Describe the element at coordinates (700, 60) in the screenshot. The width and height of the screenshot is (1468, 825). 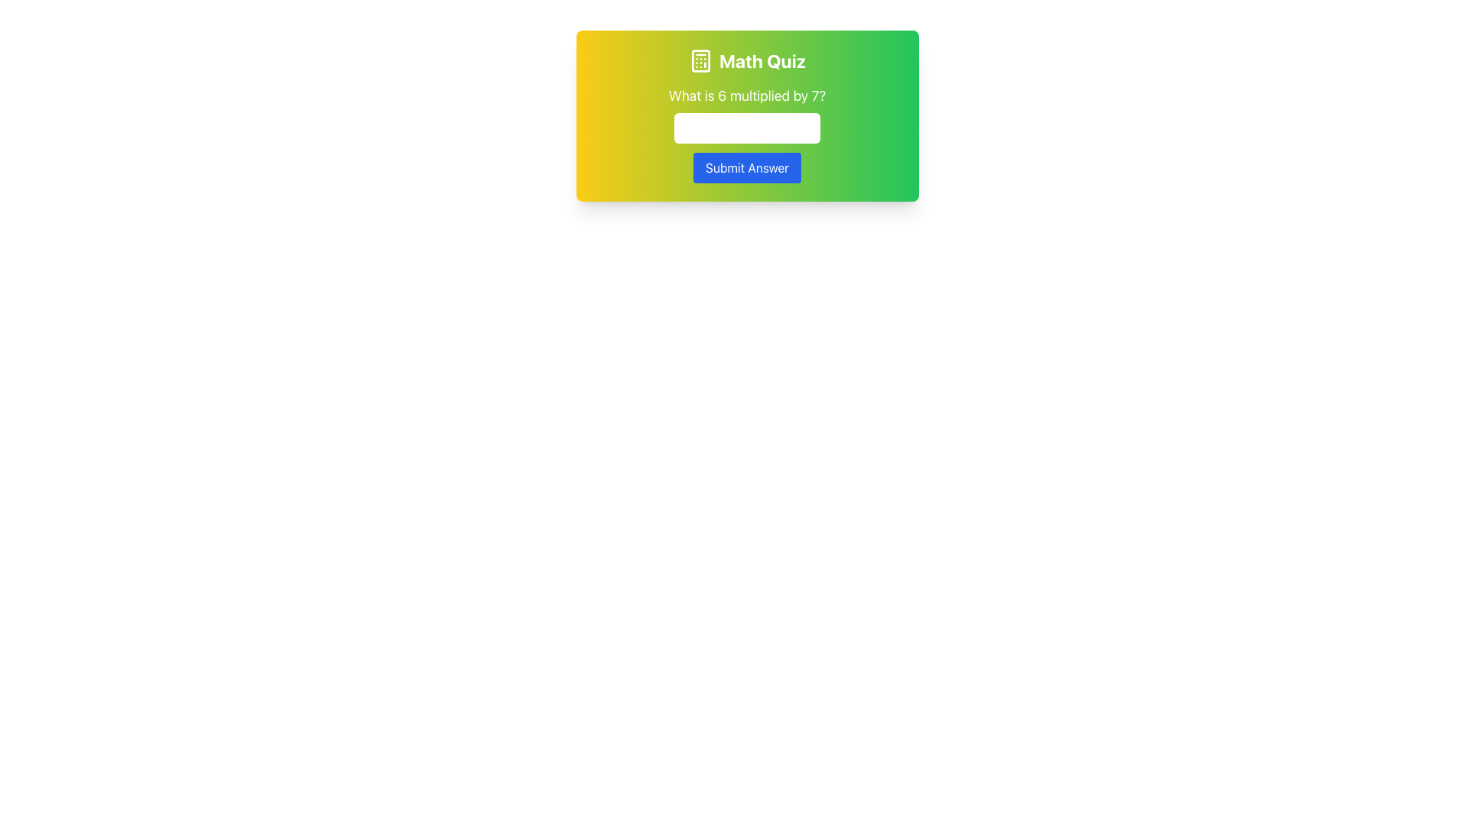
I see `the calculator icon located in the header section of the math quiz card, which is positioned to the left of the 'Math Quiz' text` at that location.